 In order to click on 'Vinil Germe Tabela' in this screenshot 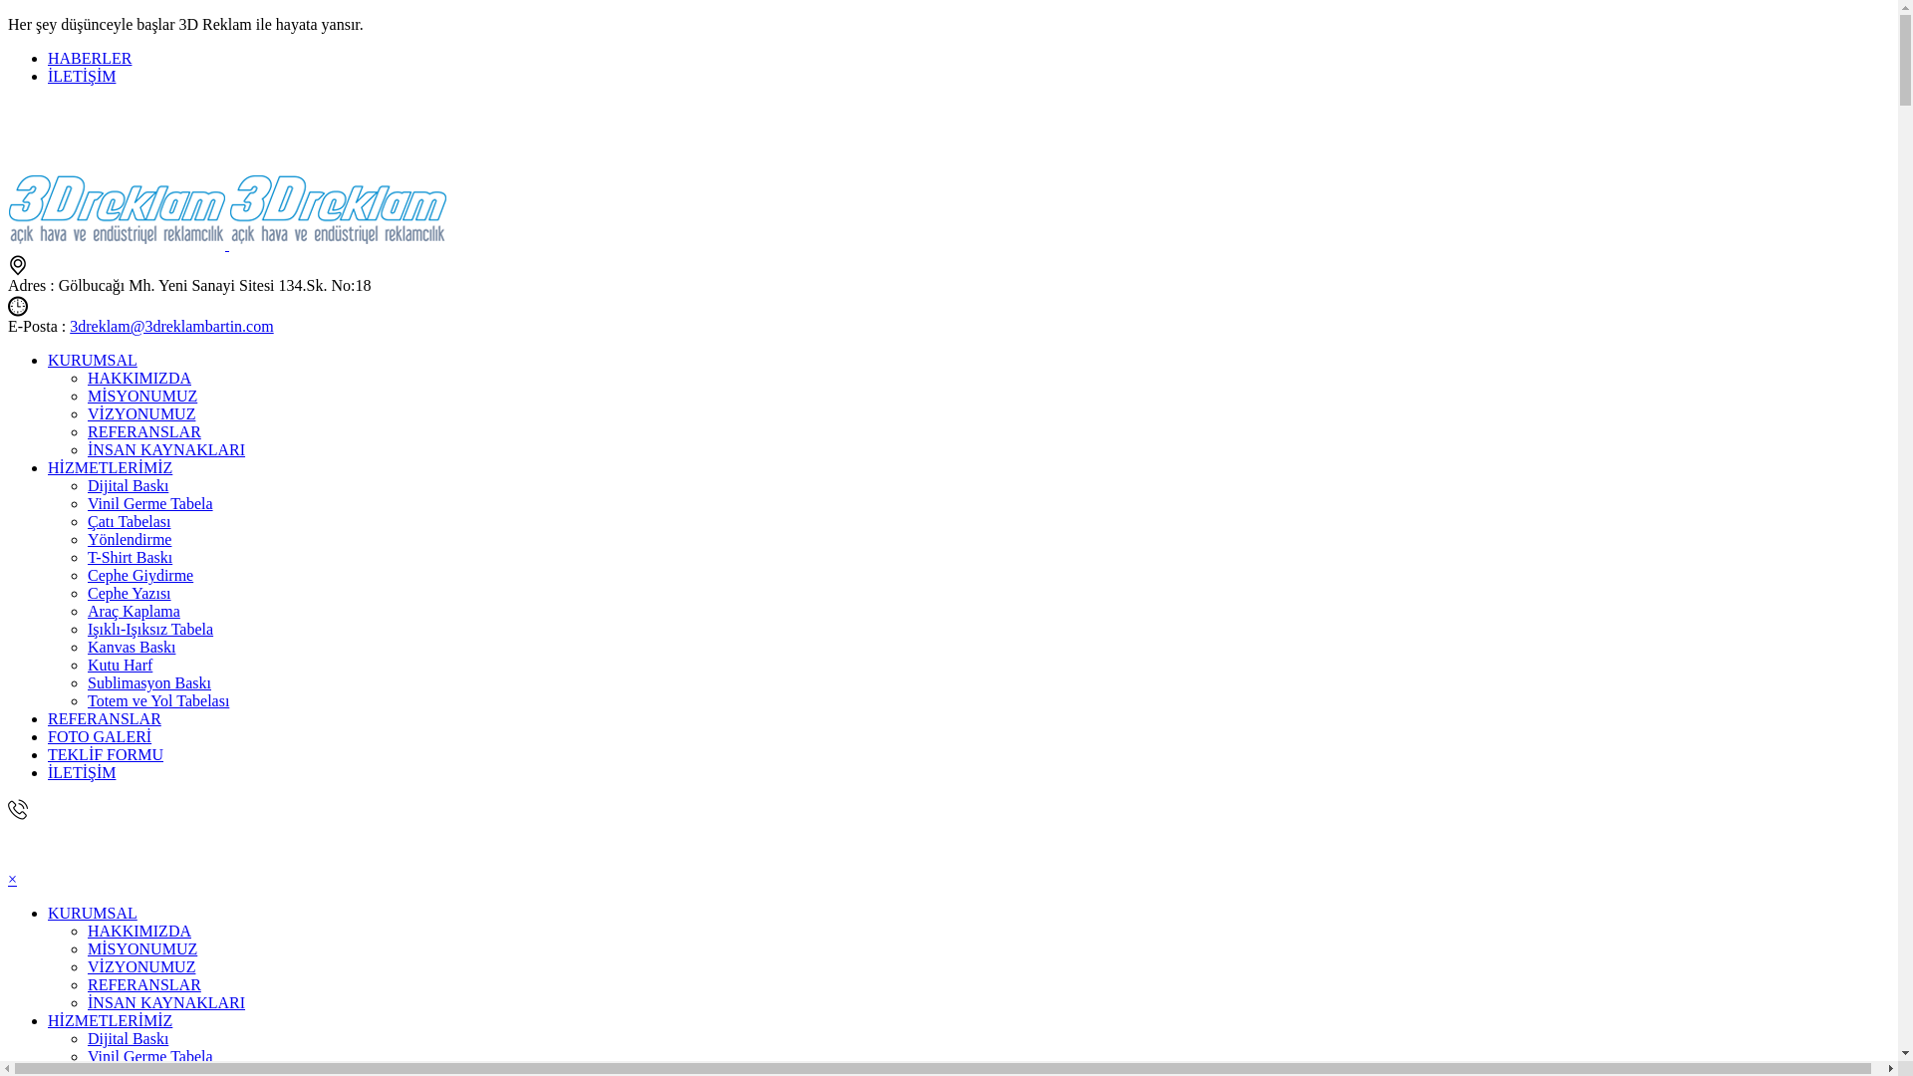, I will do `click(148, 1055)`.